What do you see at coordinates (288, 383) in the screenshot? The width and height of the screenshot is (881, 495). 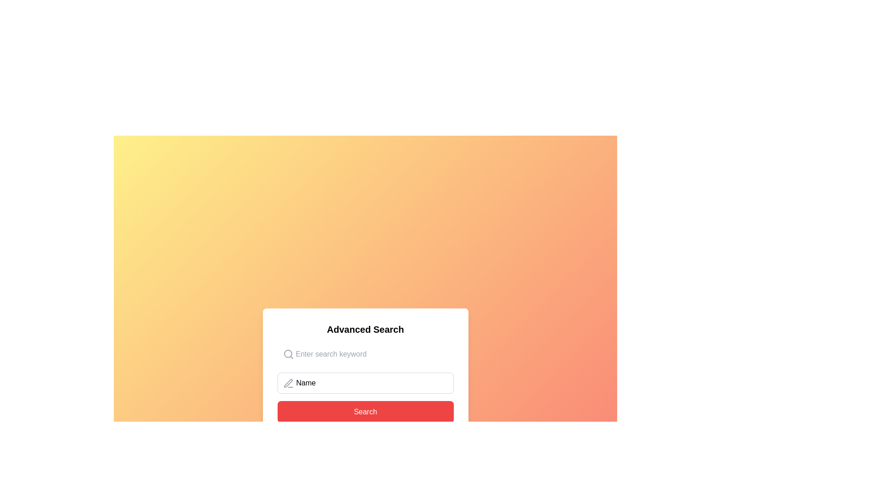 I see `the SVG graphic icon that represents the edit function for the 'Name' field in the 'Advanced Search' card` at bounding box center [288, 383].